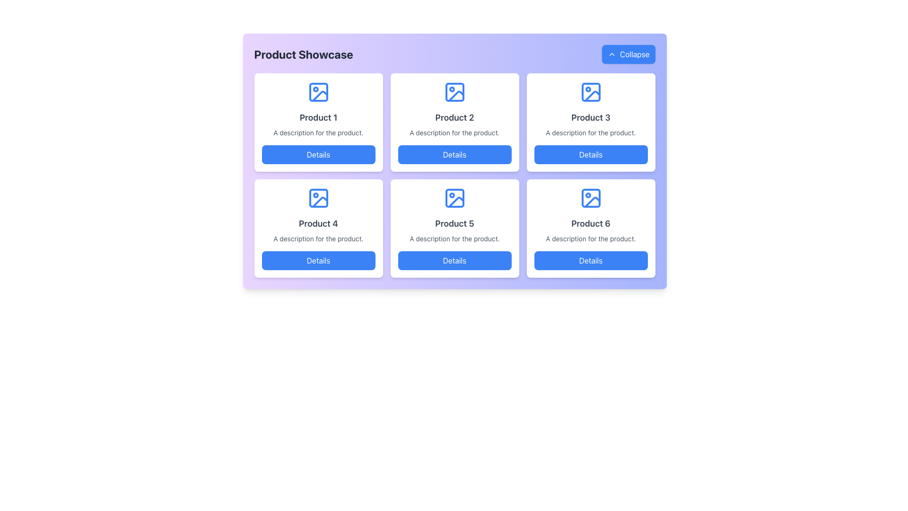 The image size is (908, 511). I want to click on the text label that reads 'Product 6', which is a bold, large font text in dark gray color, located in the lower-right card of a 3x2 grid layout, so click(590, 224).